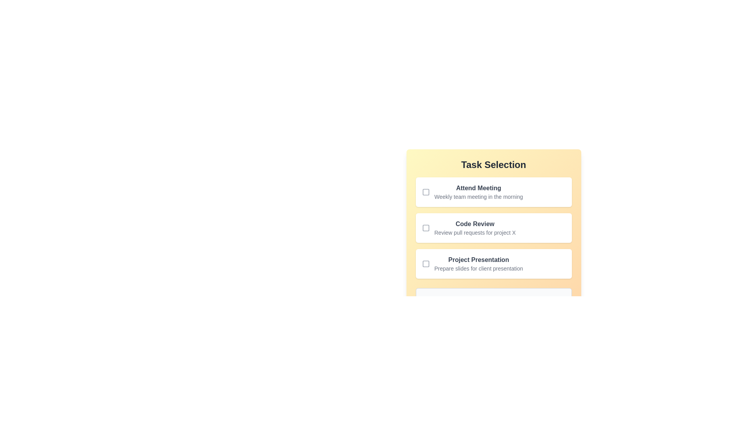 Image resolution: width=749 pixels, height=421 pixels. What do you see at coordinates (425, 228) in the screenshot?
I see `the checkbox associated with the 'Code Review' task` at bounding box center [425, 228].